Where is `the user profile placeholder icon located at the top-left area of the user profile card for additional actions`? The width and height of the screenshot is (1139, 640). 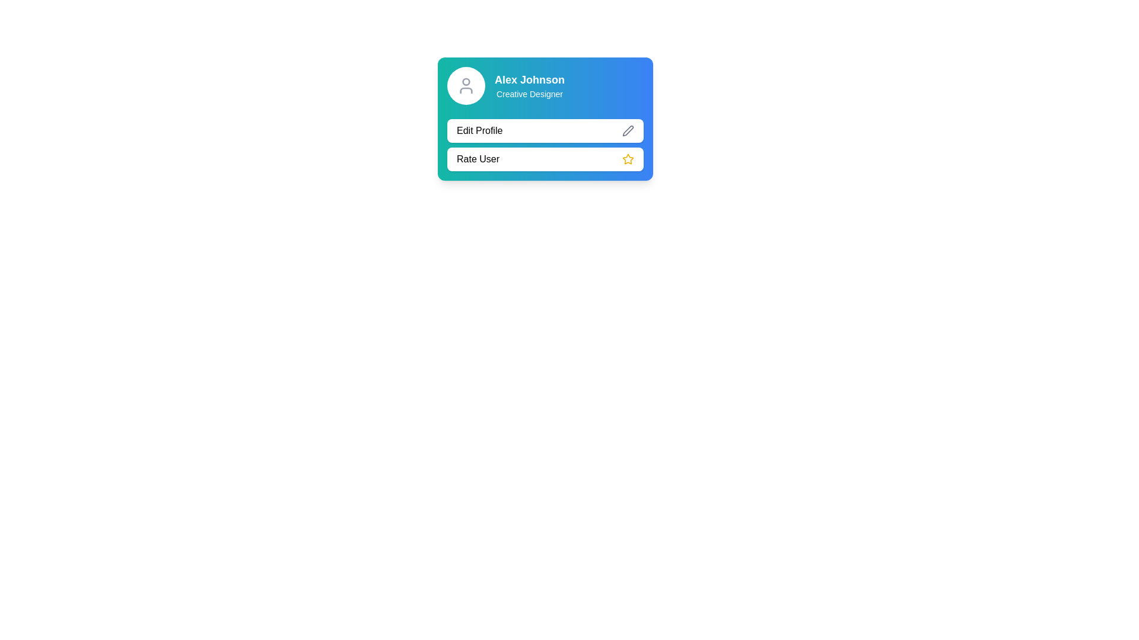
the user profile placeholder icon located at the top-left area of the user profile card for additional actions is located at coordinates (466, 85).